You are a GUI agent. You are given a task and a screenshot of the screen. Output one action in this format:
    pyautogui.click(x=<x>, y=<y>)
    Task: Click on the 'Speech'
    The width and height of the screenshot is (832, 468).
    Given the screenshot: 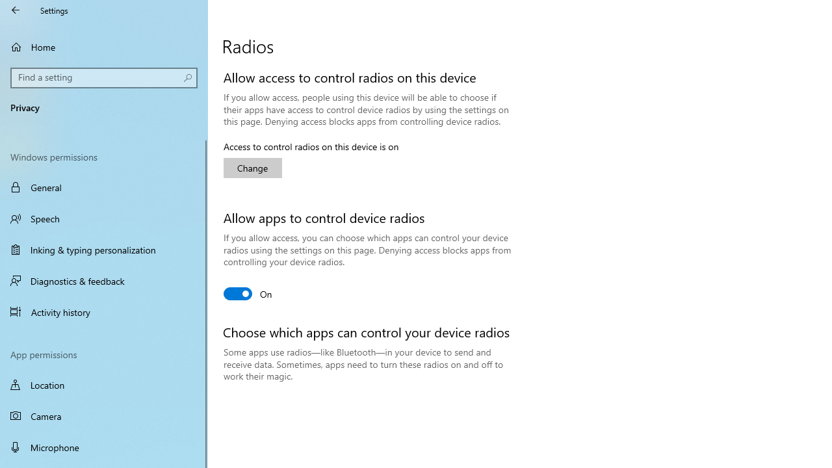 What is the action you would take?
    pyautogui.click(x=104, y=217)
    